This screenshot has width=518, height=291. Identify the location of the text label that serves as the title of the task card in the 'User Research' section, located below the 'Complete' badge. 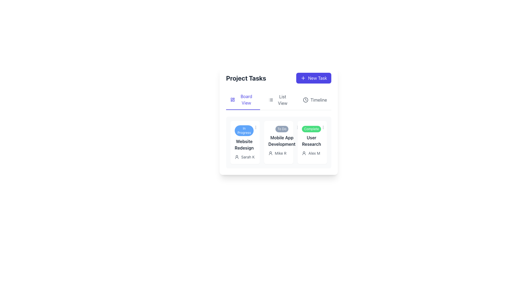
(311, 141).